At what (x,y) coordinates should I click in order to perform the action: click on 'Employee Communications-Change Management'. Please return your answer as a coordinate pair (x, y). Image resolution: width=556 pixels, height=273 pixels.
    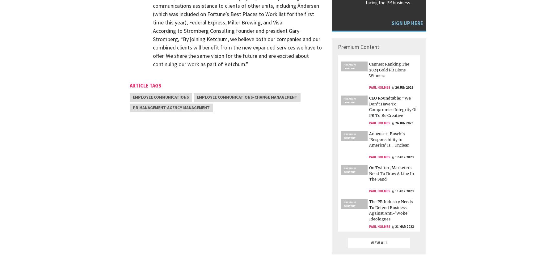
    Looking at the image, I should click on (197, 97).